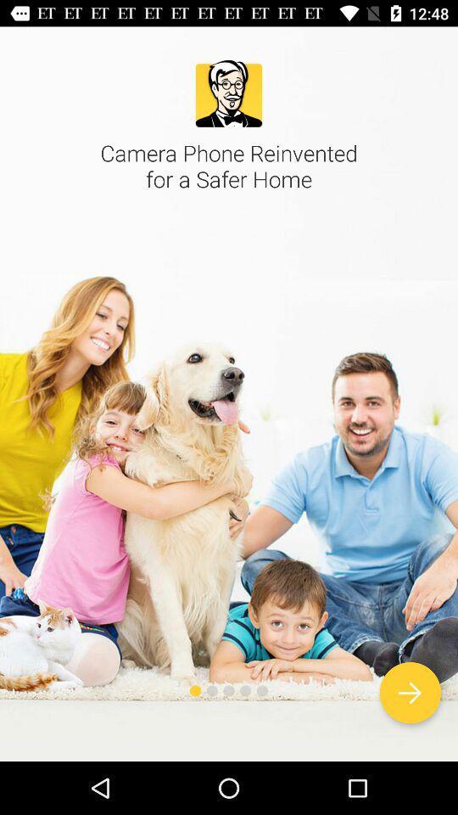  What do you see at coordinates (409, 693) in the screenshot?
I see `next page` at bounding box center [409, 693].